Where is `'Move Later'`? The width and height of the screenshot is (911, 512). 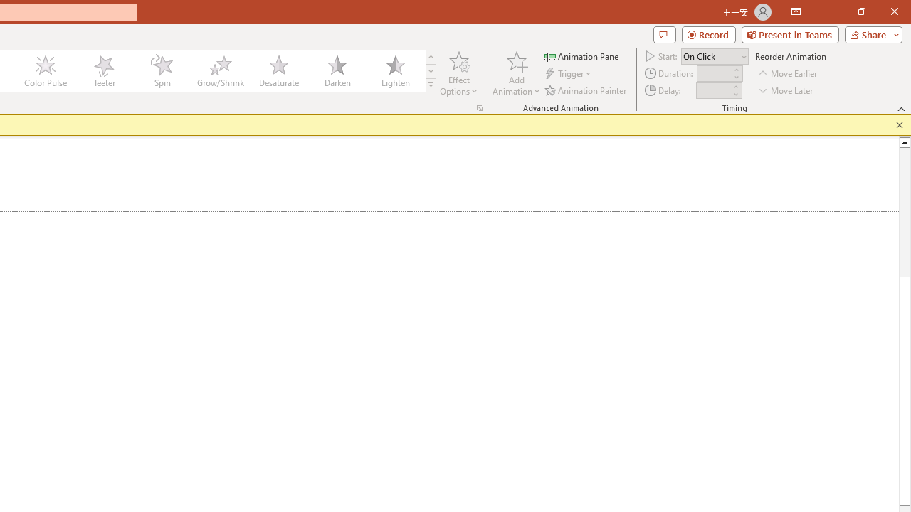 'Move Later' is located at coordinates (786, 90).